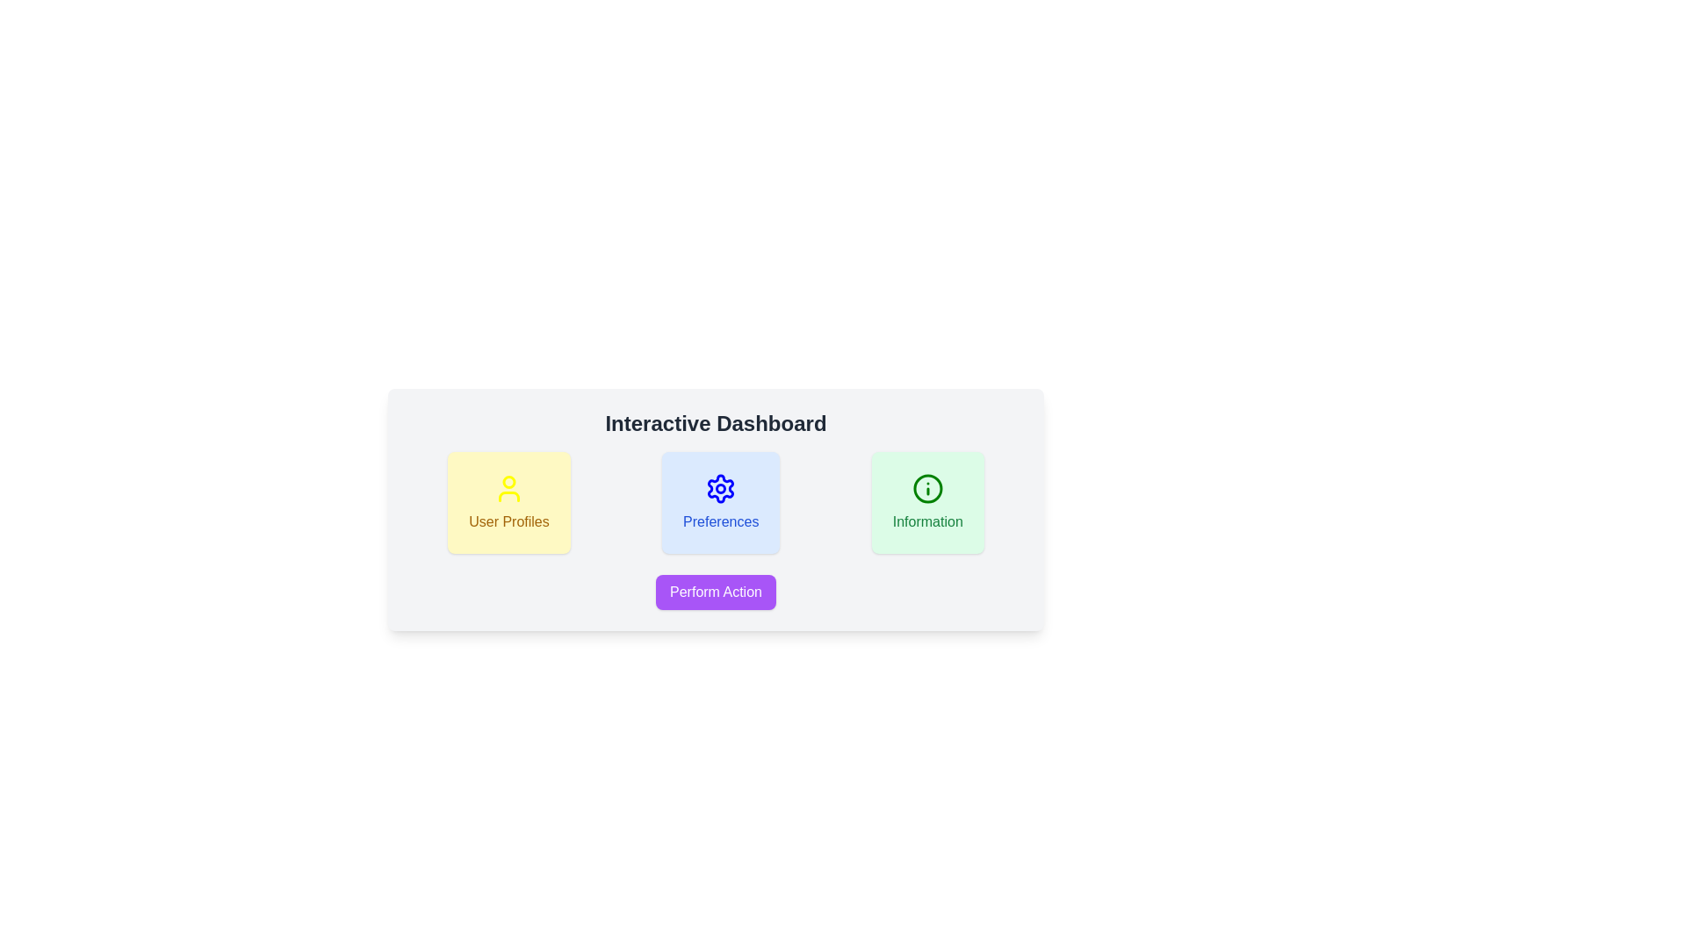  What do you see at coordinates (721, 488) in the screenshot?
I see `the graphical element that is part of the settings icon located within the 'Preferences' section of the dashboard interface` at bounding box center [721, 488].